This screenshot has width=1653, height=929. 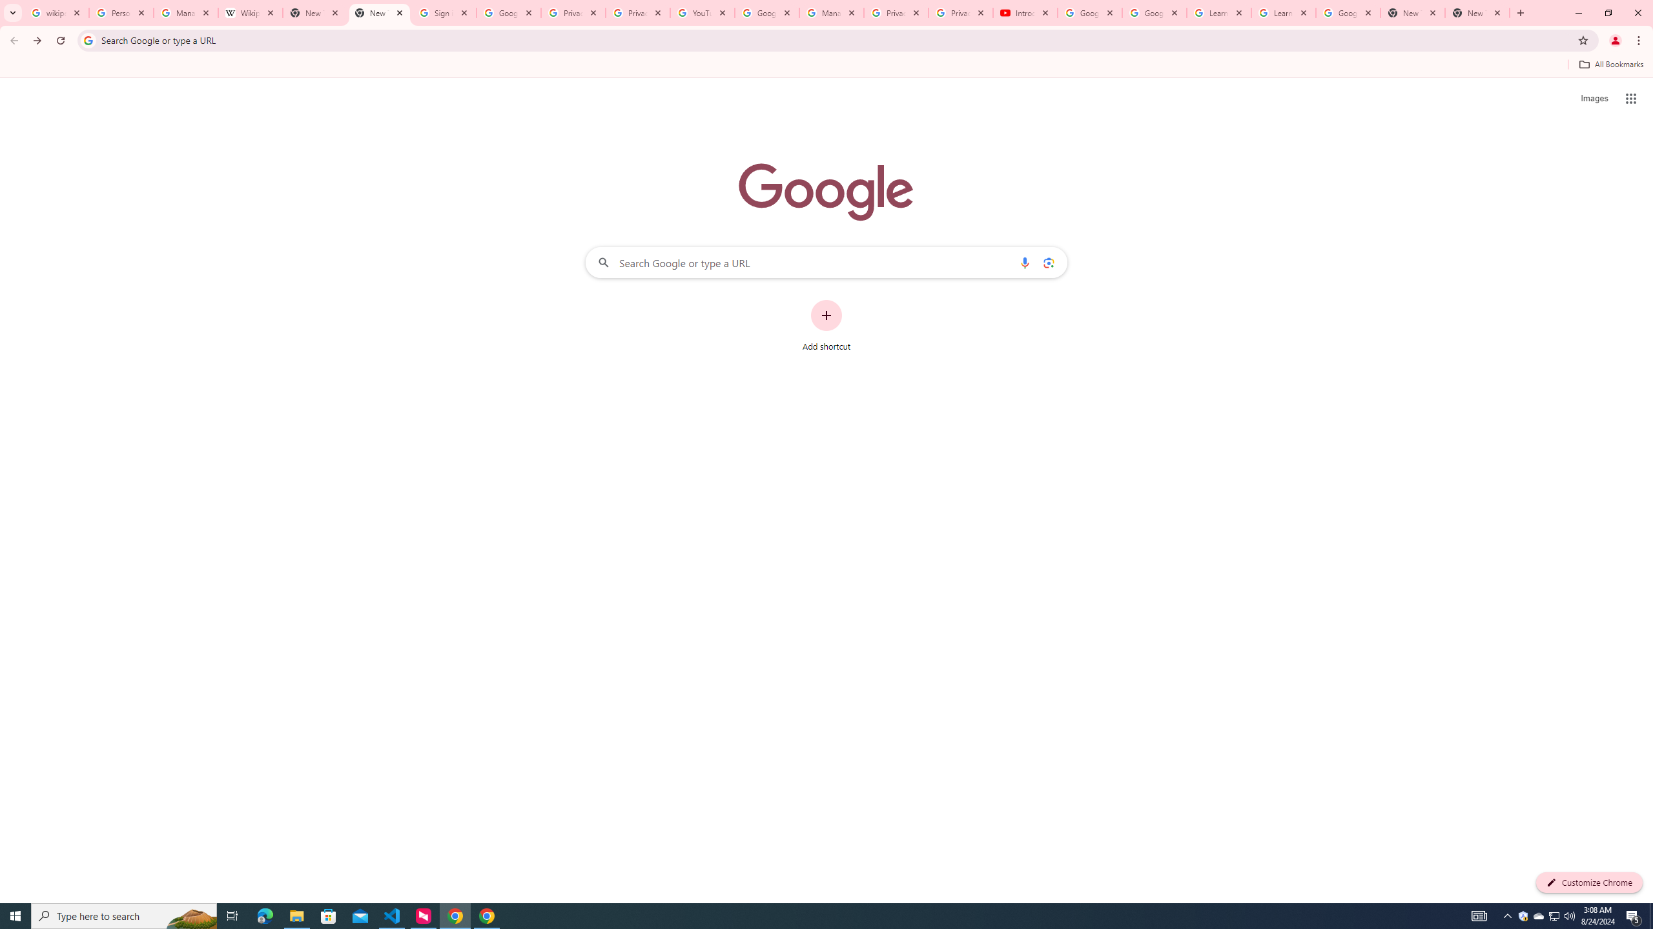 I want to click on 'Personalization & Google Search results - Google Search Help', so click(x=120, y=12).